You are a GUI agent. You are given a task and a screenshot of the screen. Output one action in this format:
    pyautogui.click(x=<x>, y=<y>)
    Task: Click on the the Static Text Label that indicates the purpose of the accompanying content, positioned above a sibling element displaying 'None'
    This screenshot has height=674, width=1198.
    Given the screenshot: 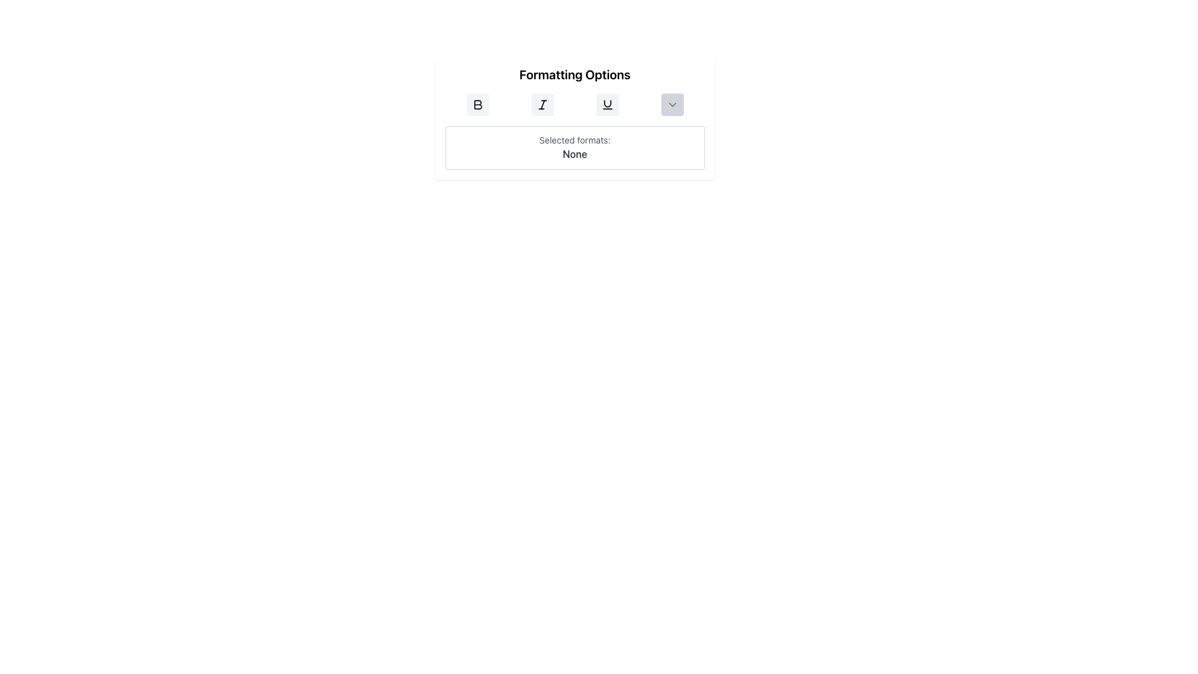 What is the action you would take?
    pyautogui.click(x=574, y=140)
    